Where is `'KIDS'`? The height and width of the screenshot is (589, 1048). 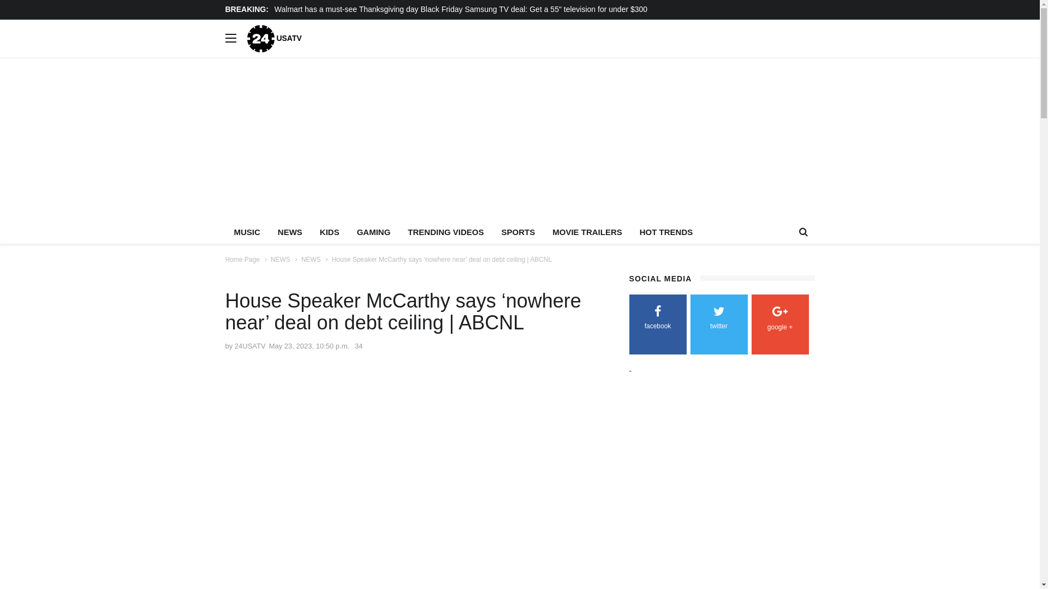
'KIDS' is located at coordinates (329, 231).